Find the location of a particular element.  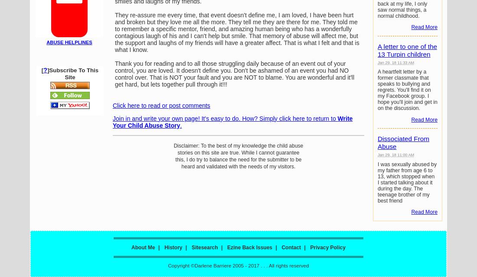

'[' is located at coordinates (41, 70).